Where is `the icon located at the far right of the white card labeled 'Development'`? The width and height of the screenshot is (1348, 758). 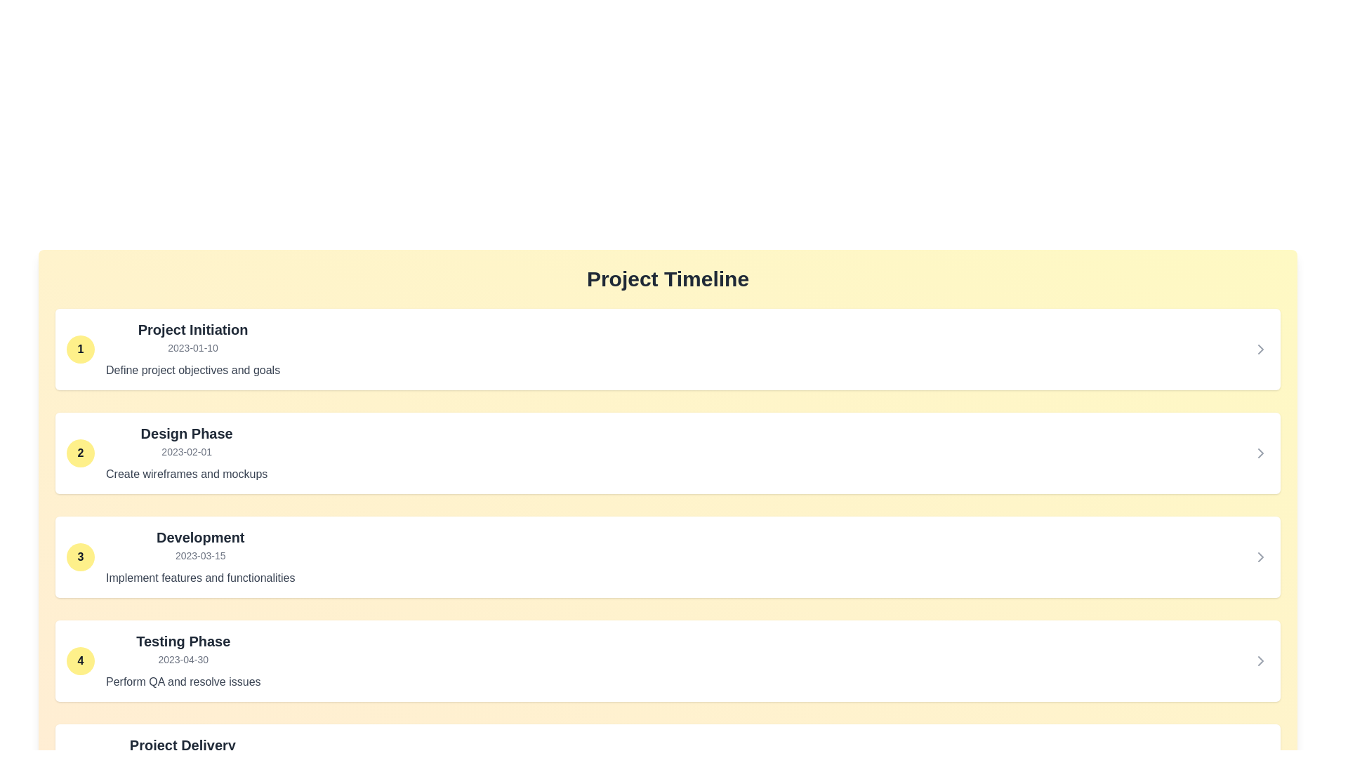 the icon located at the far right of the white card labeled 'Development' is located at coordinates (1260, 557).